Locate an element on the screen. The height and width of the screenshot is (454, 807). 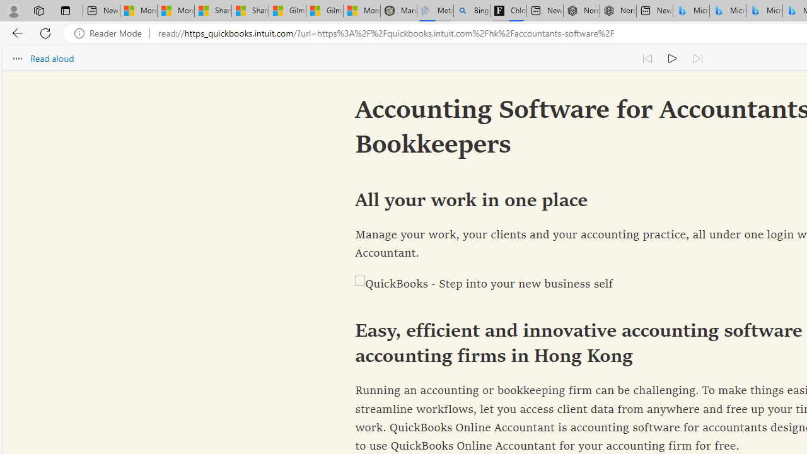
'Manatee Mortality Statistics | FWC' is located at coordinates (398, 11).